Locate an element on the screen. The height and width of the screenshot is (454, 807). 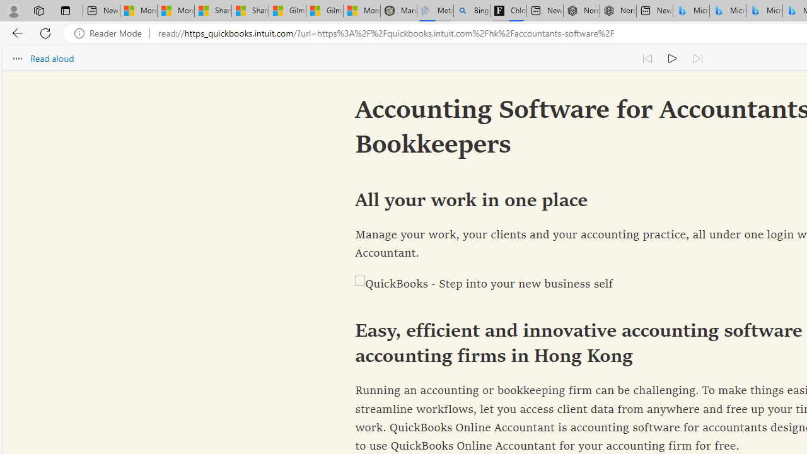
'Manatee Mortality Statistics | FWC' is located at coordinates (398, 11).